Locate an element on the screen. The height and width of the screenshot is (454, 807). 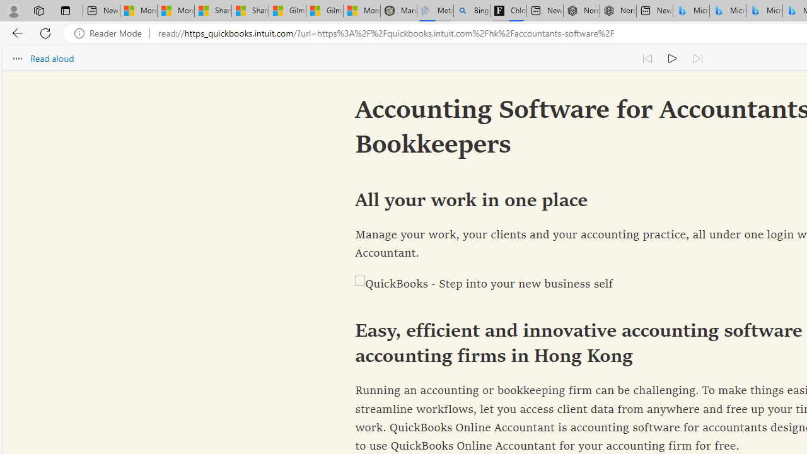
'Manatee Mortality Statistics | FWC' is located at coordinates (398, 11).